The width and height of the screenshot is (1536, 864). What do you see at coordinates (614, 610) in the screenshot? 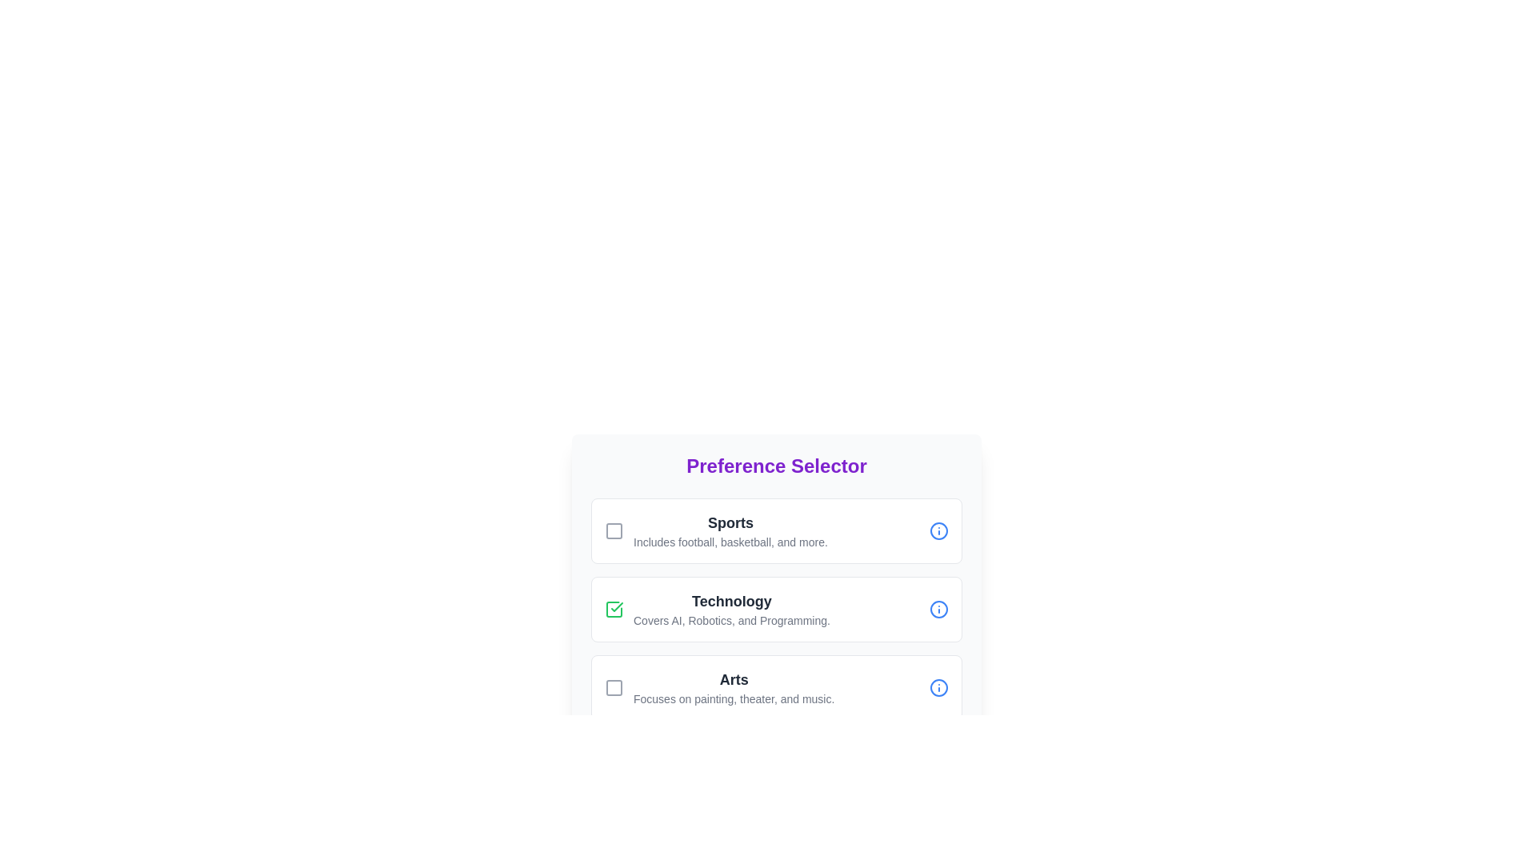
I see `the preference by clicking on the checkbox corresponding to Technology` at bounding box center [614, 610].